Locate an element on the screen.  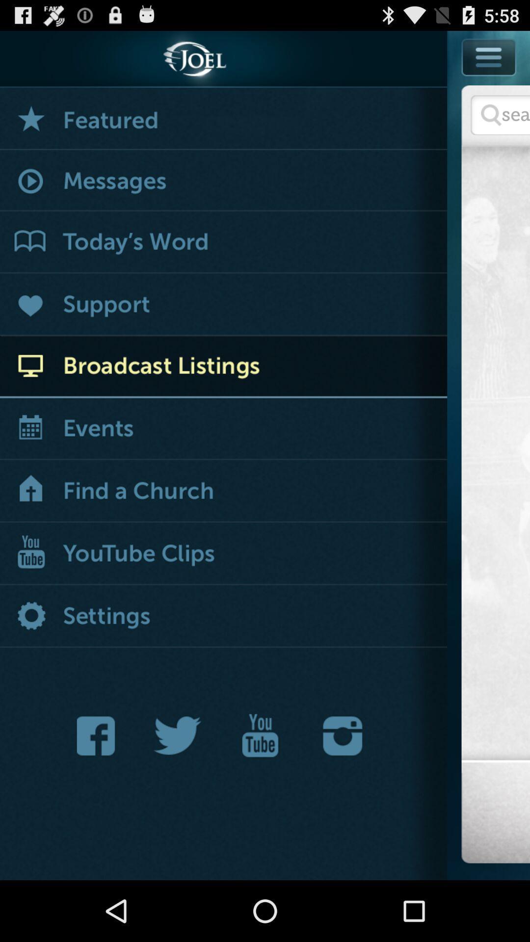
the facebook icon is located at coordinates (99, 787).